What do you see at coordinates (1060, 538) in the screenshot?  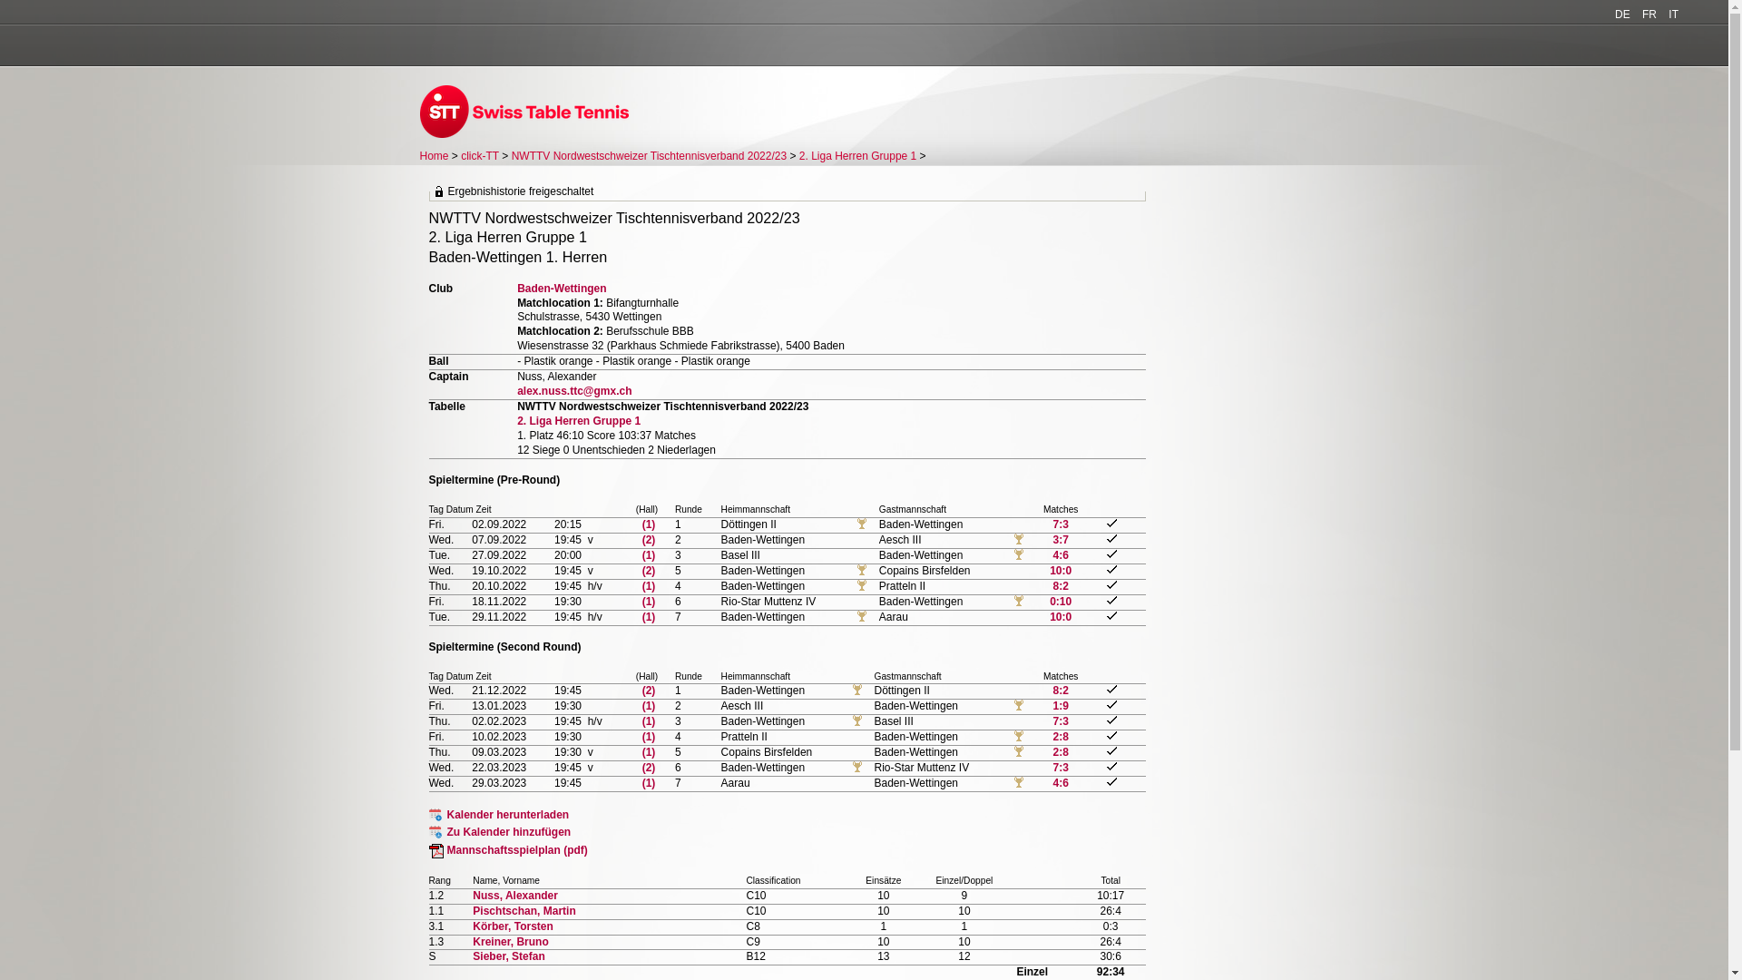 I see `'3:7'` at bounding box center [1060, 538].